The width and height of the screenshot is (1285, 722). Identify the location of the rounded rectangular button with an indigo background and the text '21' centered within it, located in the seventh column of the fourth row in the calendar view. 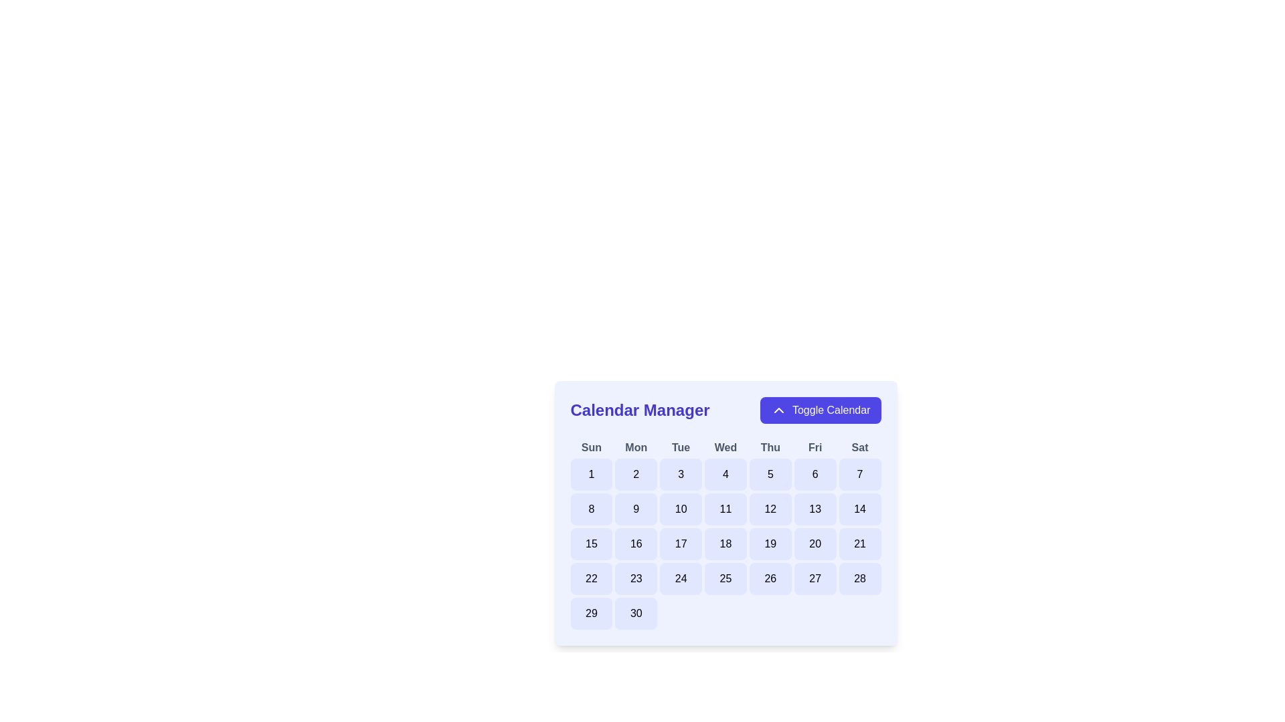
(860, 544).